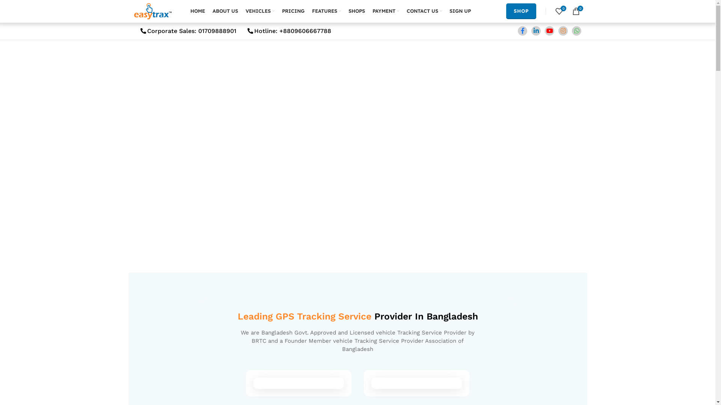 The width and height of the screenshot is (721, 405). What do you see at coordinates (459, 11) in the screenshot?
I see `'SIGN UP'` at bounding box center [459, 11].